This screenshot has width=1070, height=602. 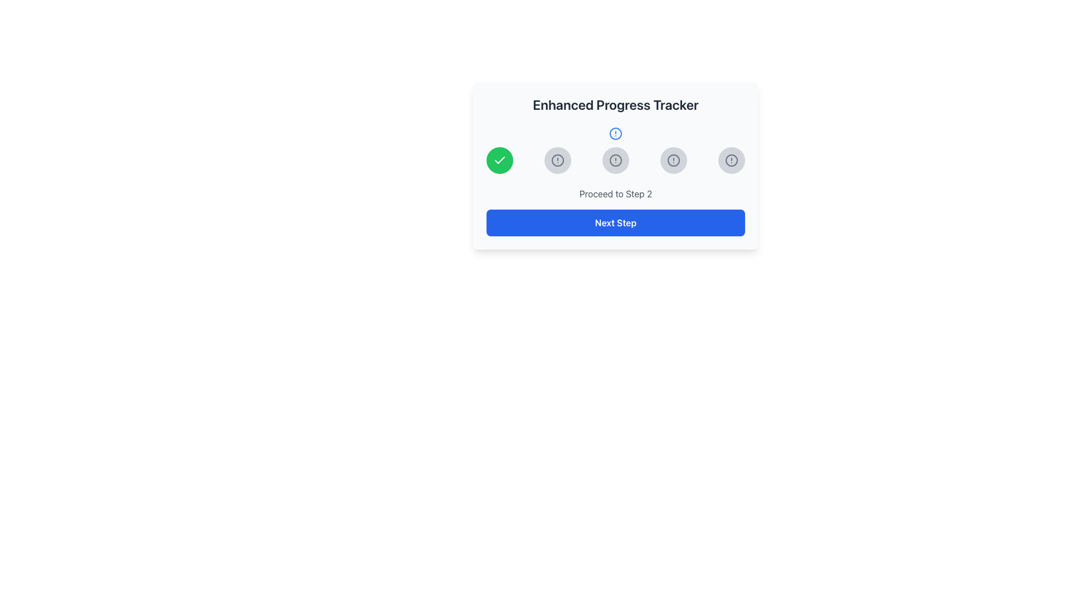 I want to click on the alert icon at the rightmost end of the horizontal progress indicator within the 'Enhanced Progress Tracker' panel, so click(x=732, y=161).